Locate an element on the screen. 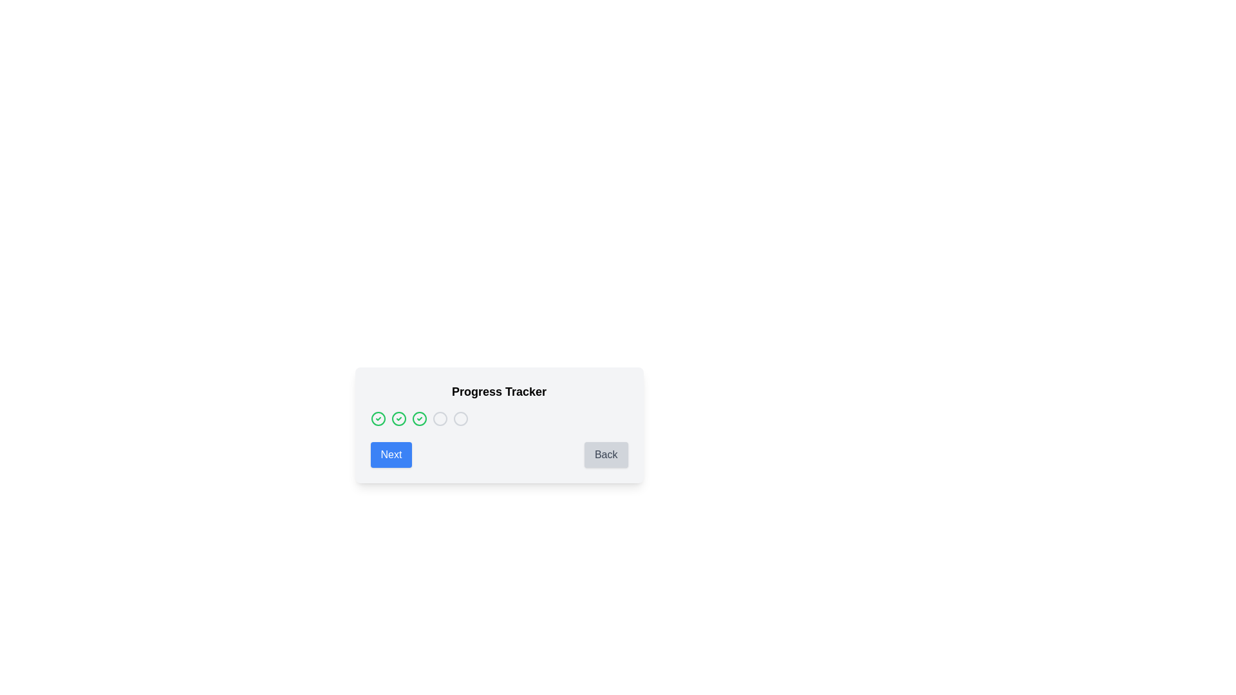 Image resolution: width=1236 pixels, height=695 pixels. the 'Back' button, a rectangular button with rounded corners located in the lower-right section of the interface is located at coordinates (605, 454).